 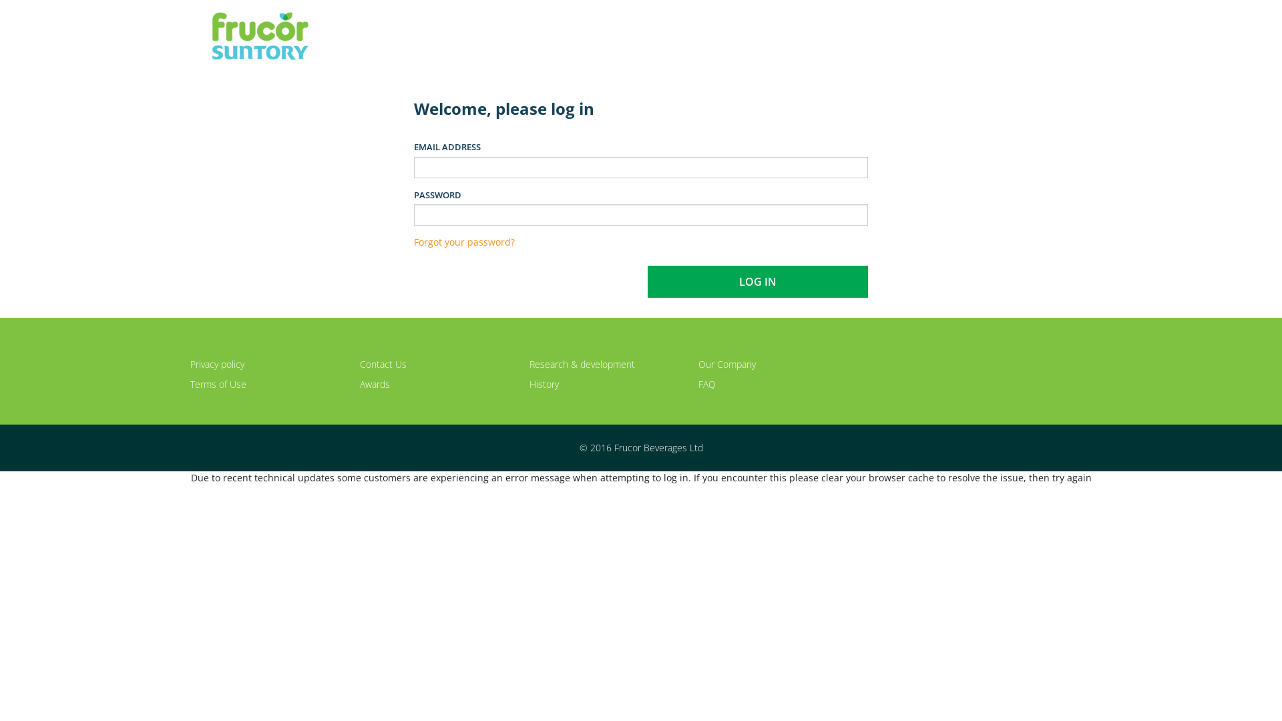 What do you see at coordinates (218, 384) in the screenshot?
I see `'Terms of Use'` at bounding box center [218, 384].